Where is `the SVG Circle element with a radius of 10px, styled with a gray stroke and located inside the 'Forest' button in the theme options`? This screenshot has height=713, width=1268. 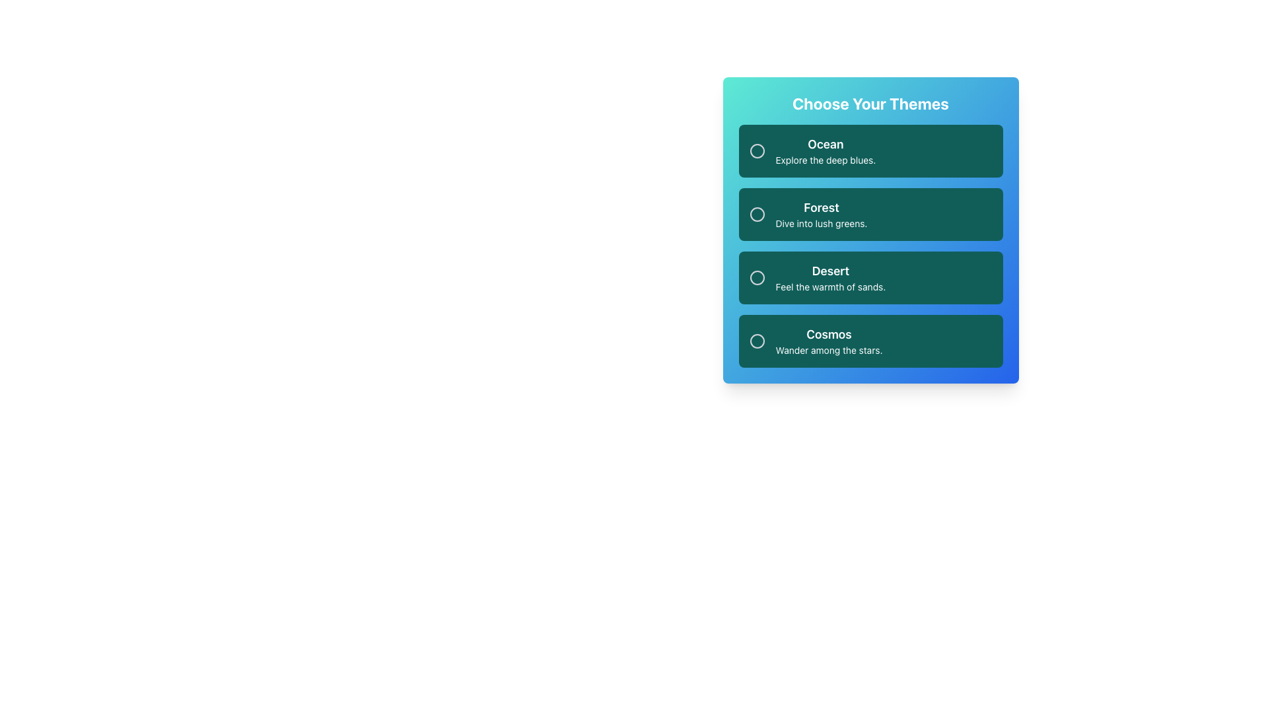
the SVG Circle element with a radius of 10px, styled with a gray stroke and located inside the 'Forest' button in the theme options is located at coordinates (757, 213).